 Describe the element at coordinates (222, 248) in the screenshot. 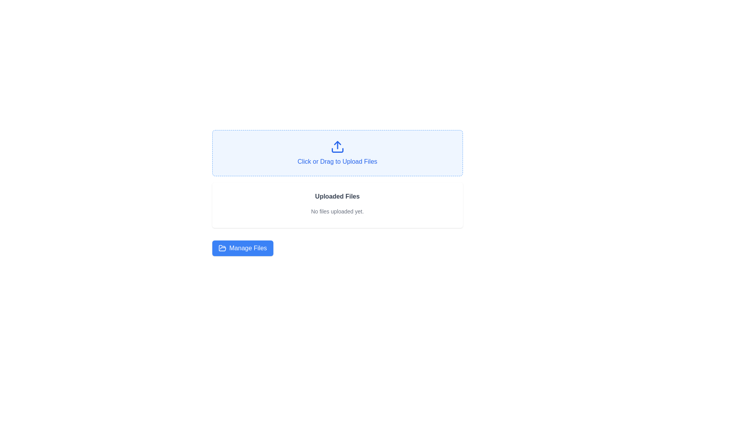

I see `the 'Manage Files' button, which contains an open folder icon styled with a line drawing technique, located at the bottom-center of the interface` at that location.